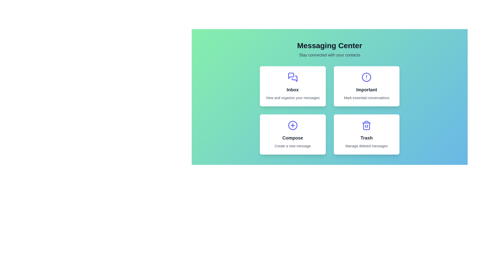 The image size is (483, 271). What do you see at coordinates (367, 134) in the screenshot?
I see `the interactive card located in the bottom-right of the grid layout` at bounding box center [367, 134].